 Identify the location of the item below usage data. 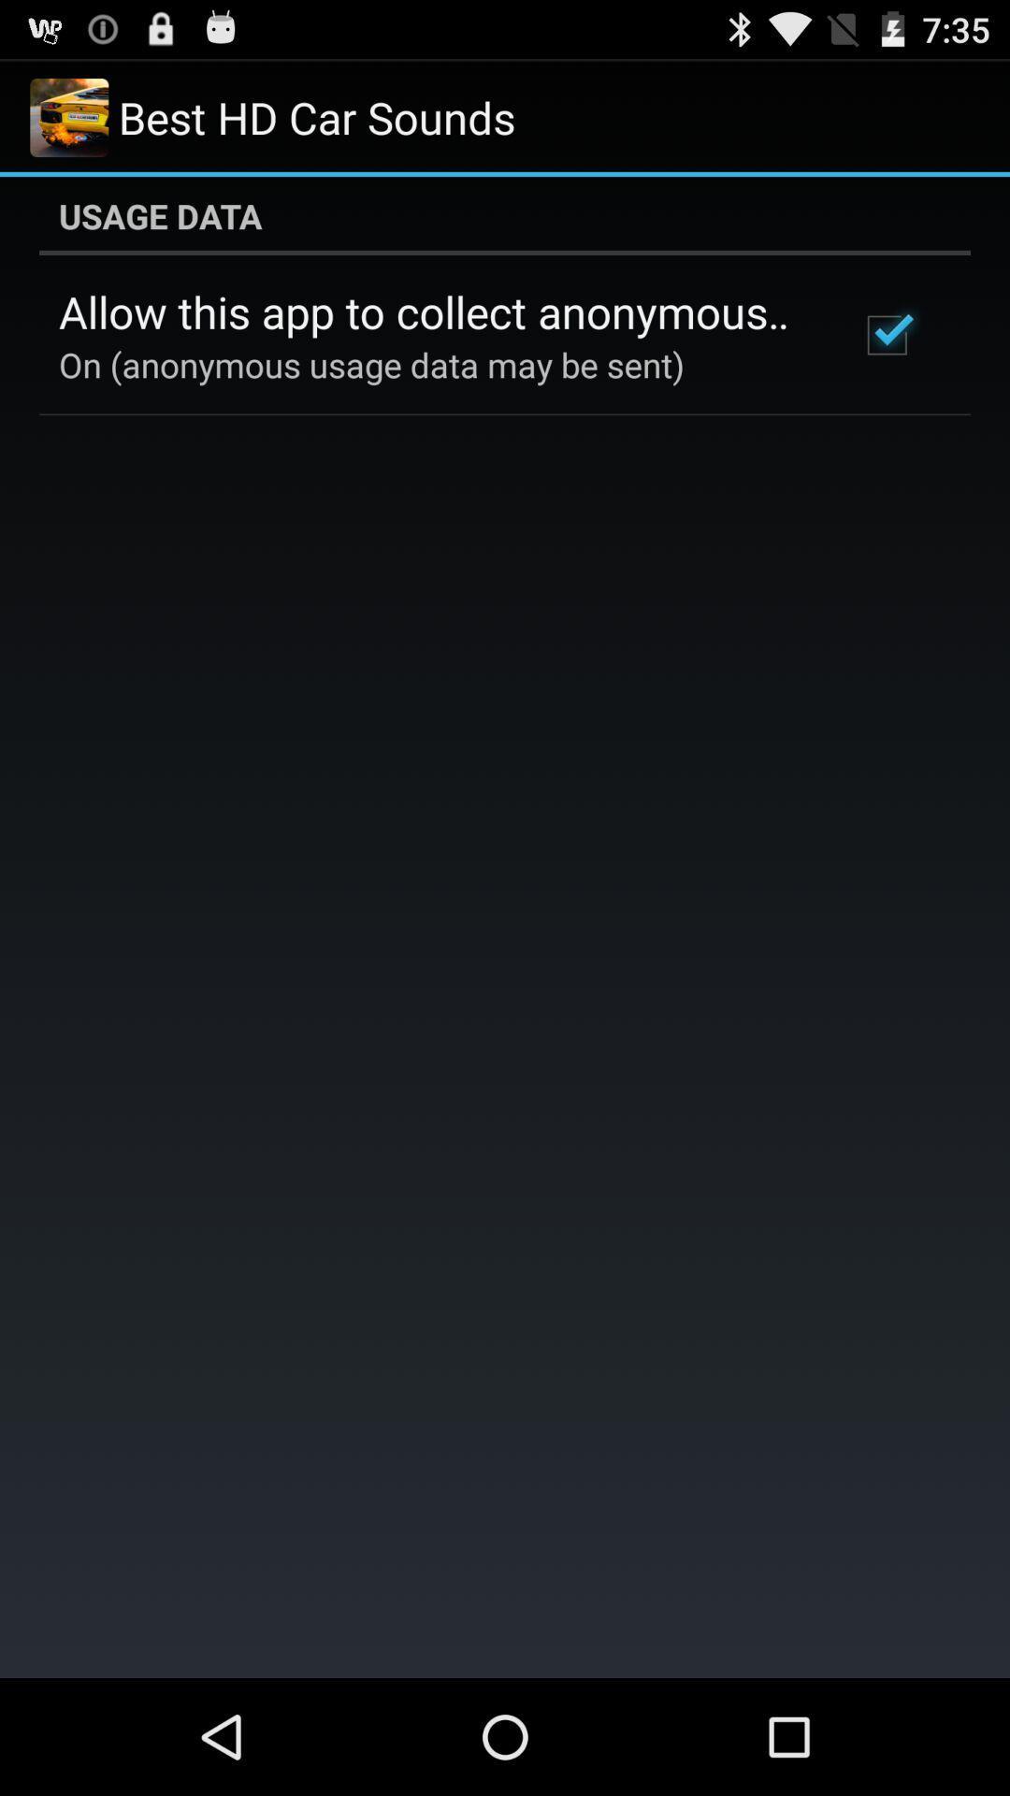
(886, 335).